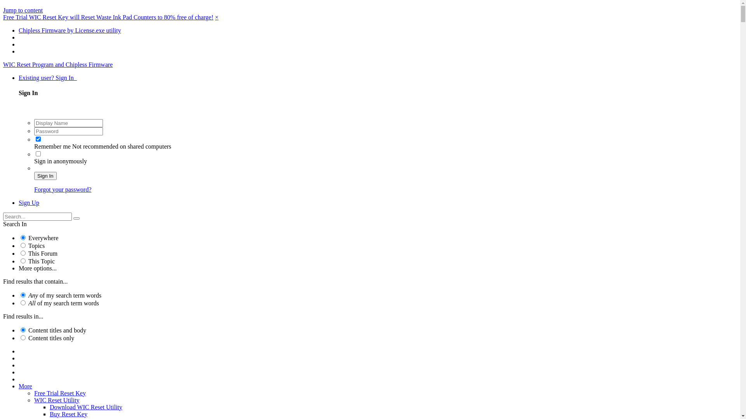 The image size is (746, 419). I want to click on 'Forgot your password?', so click(63, 189).